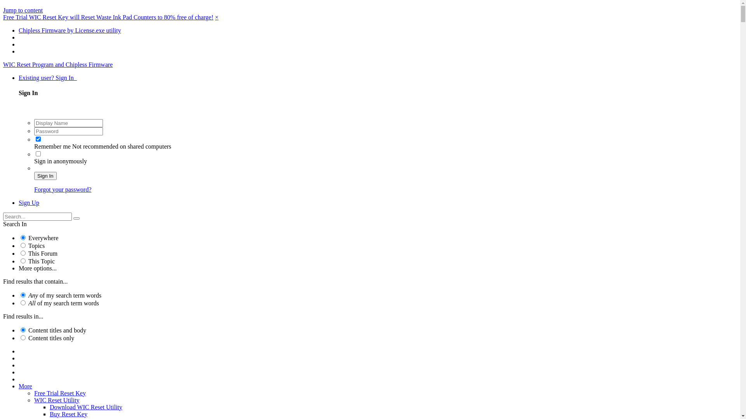 The image size is (746, 419). I want to click on 'Forgot your password?', so click(63, 189).